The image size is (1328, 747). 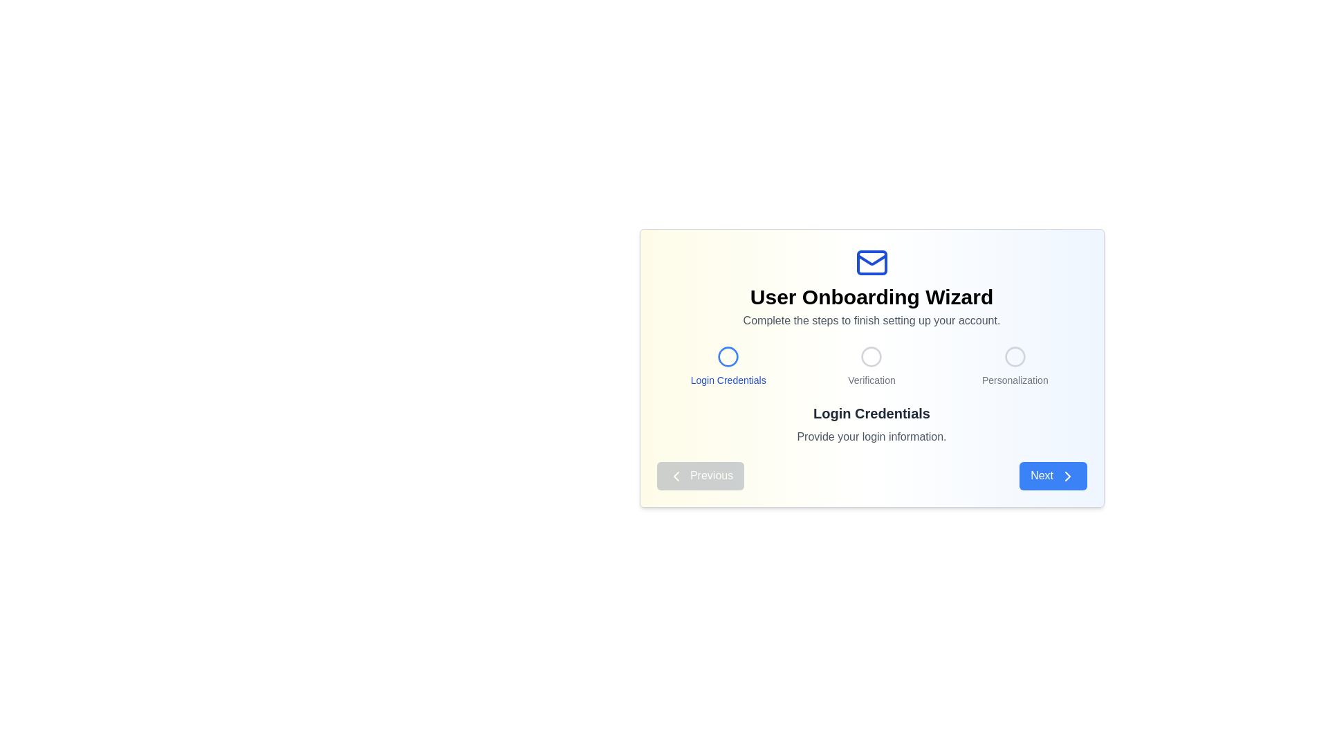 What do you see at coordinates (871, 380) in the screenshot?
I see `the Static Text element displaying 'Verification' in the onboarding wizard interface, located below the second circle of the step indicator` at bounding box center [871, 380].